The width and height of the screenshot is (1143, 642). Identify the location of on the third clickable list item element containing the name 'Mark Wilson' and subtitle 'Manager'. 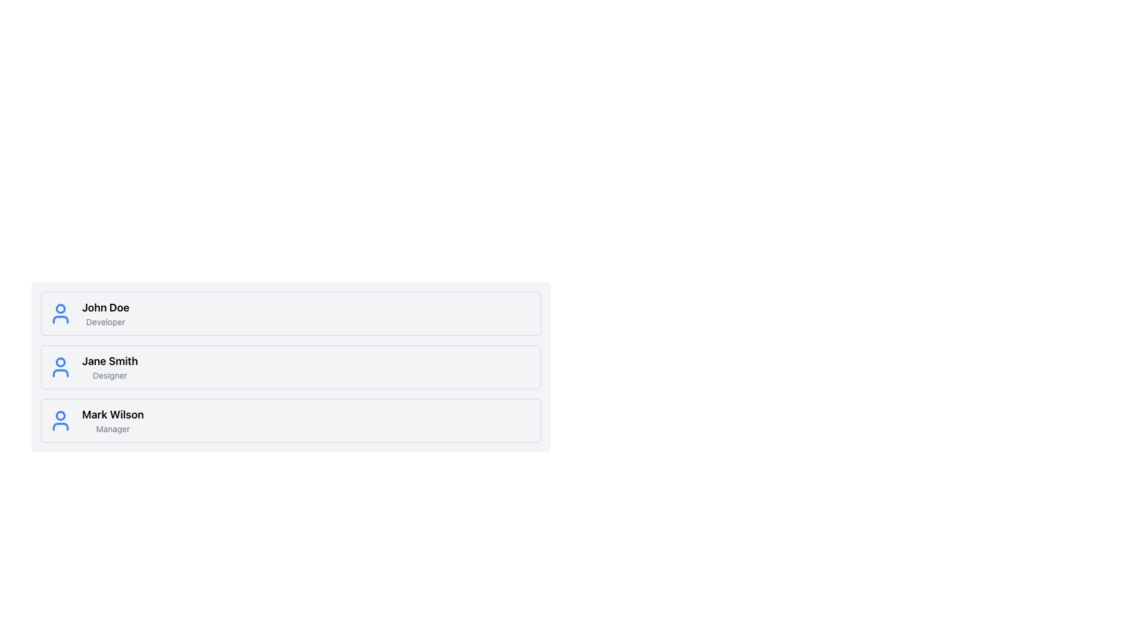
(291, 420).